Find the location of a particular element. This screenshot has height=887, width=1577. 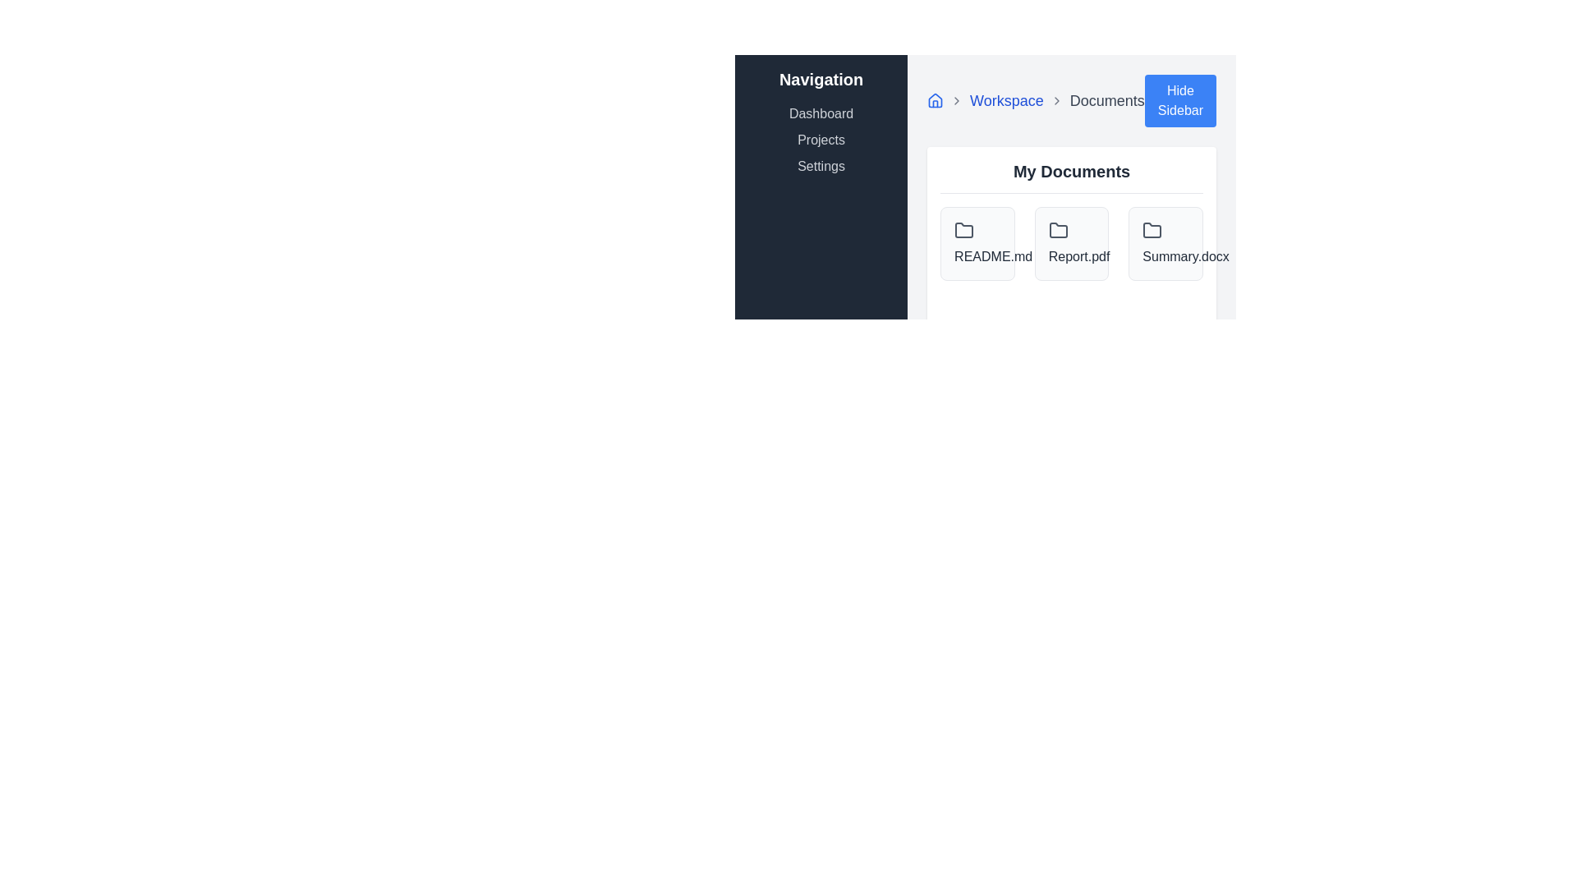

the button located in the top-right corner of the interface, adjacent to the breadcrumb navigation, to hide the sidebar is located at coordinates (1179, 101).